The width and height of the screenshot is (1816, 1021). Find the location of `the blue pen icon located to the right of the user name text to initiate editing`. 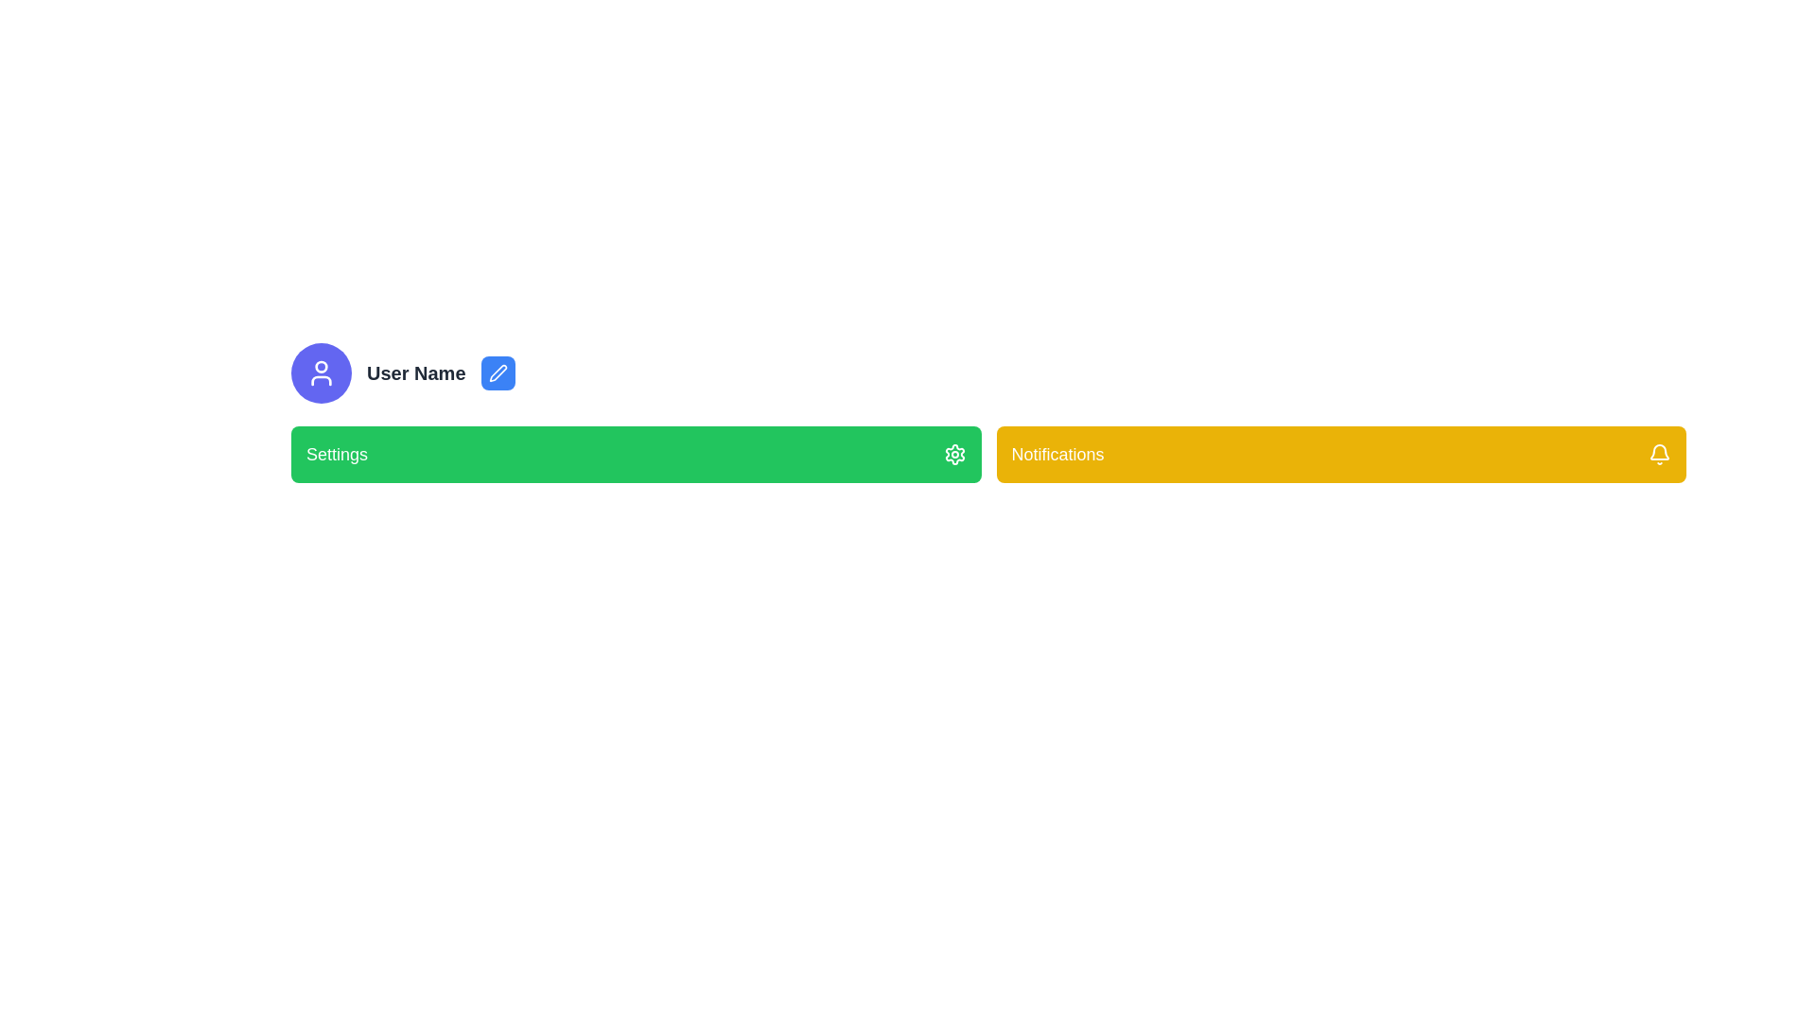

the blue pen icon located to the right of the user name text to initiate editing is located at coordinates (498, 372).